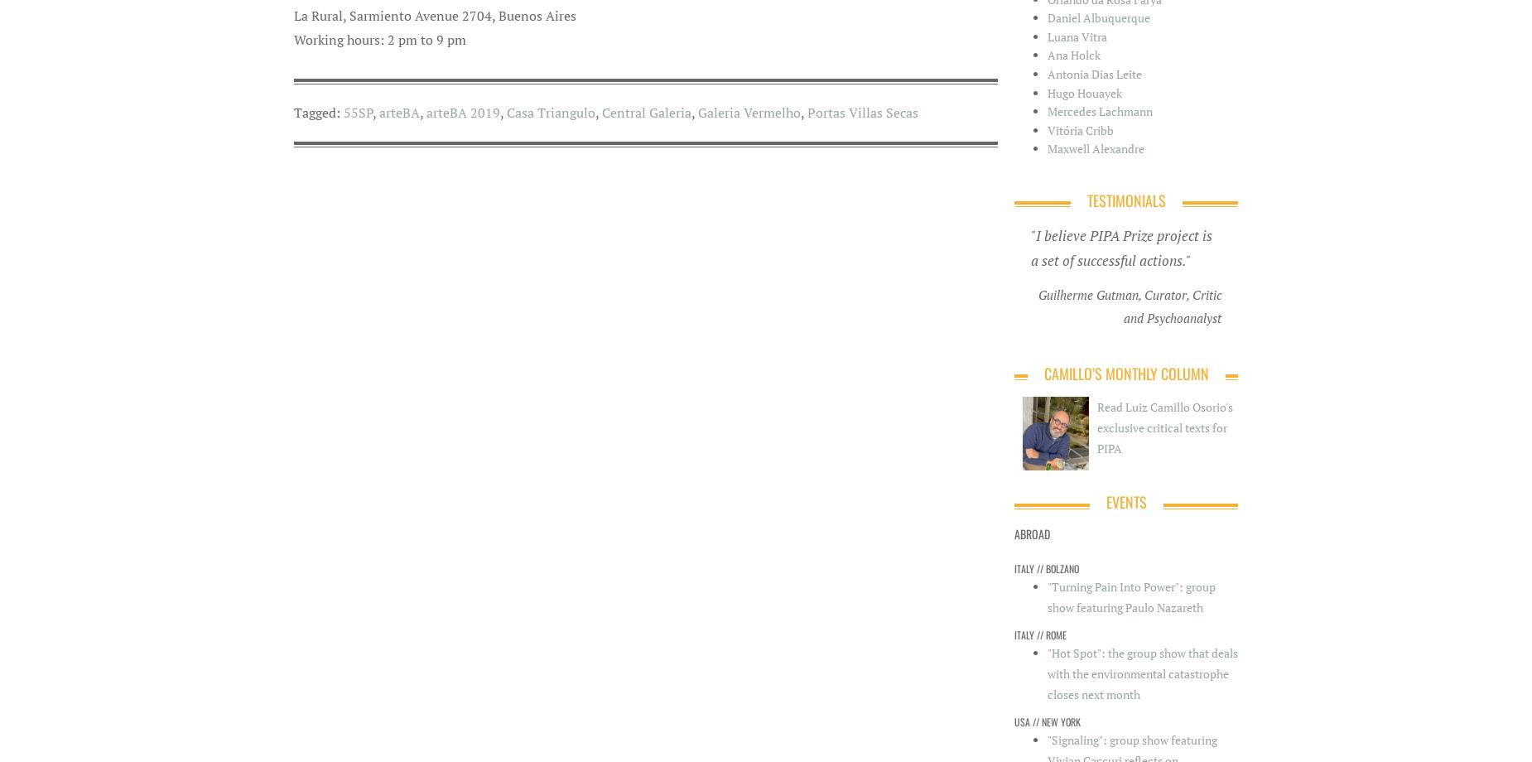 This screenshot has height=762, width=1532. I want to click on 'Tagged:', so click(316, 110).